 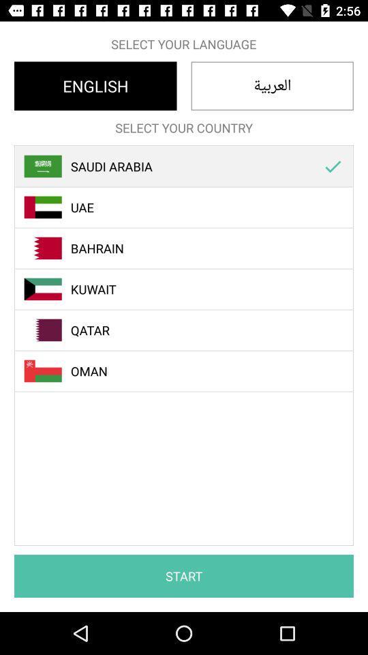 What do you see at coordinates (191, 289) in the screenshot?
I see `the item below the bahrain` at bounding box center [191, 289].